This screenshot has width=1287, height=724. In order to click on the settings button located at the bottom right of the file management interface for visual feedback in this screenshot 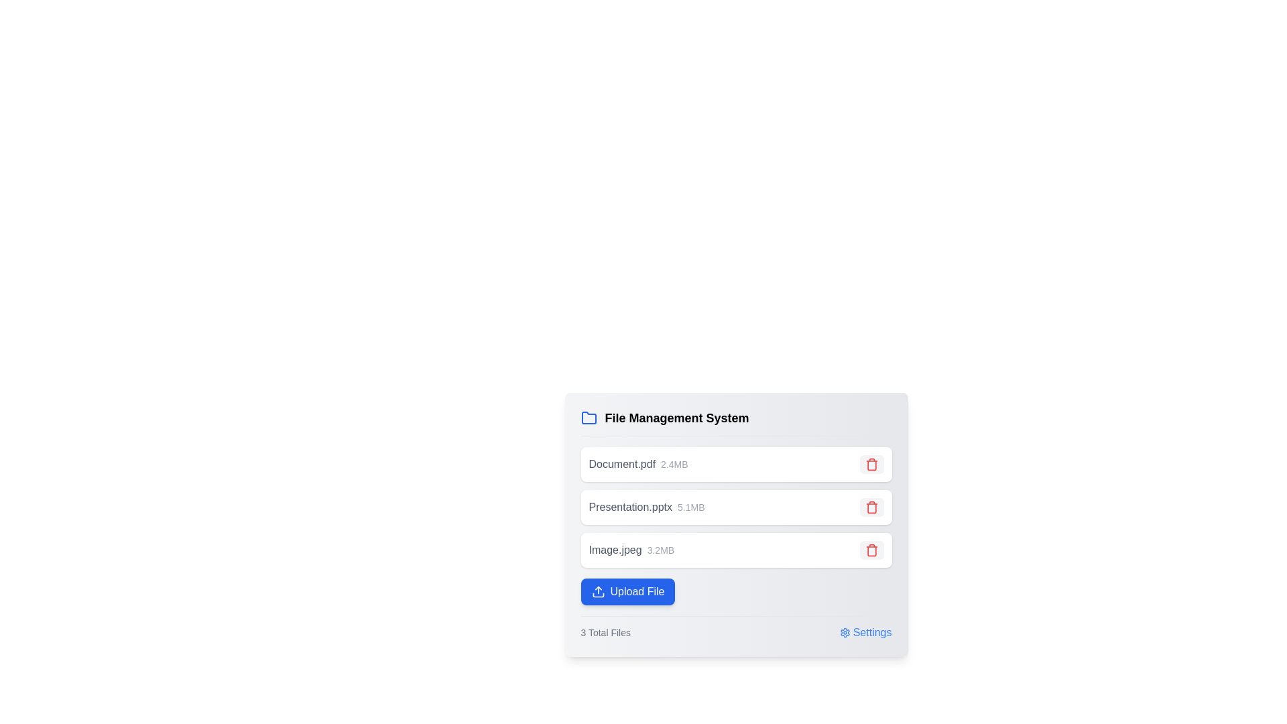, I will do `click(865, 633)`.